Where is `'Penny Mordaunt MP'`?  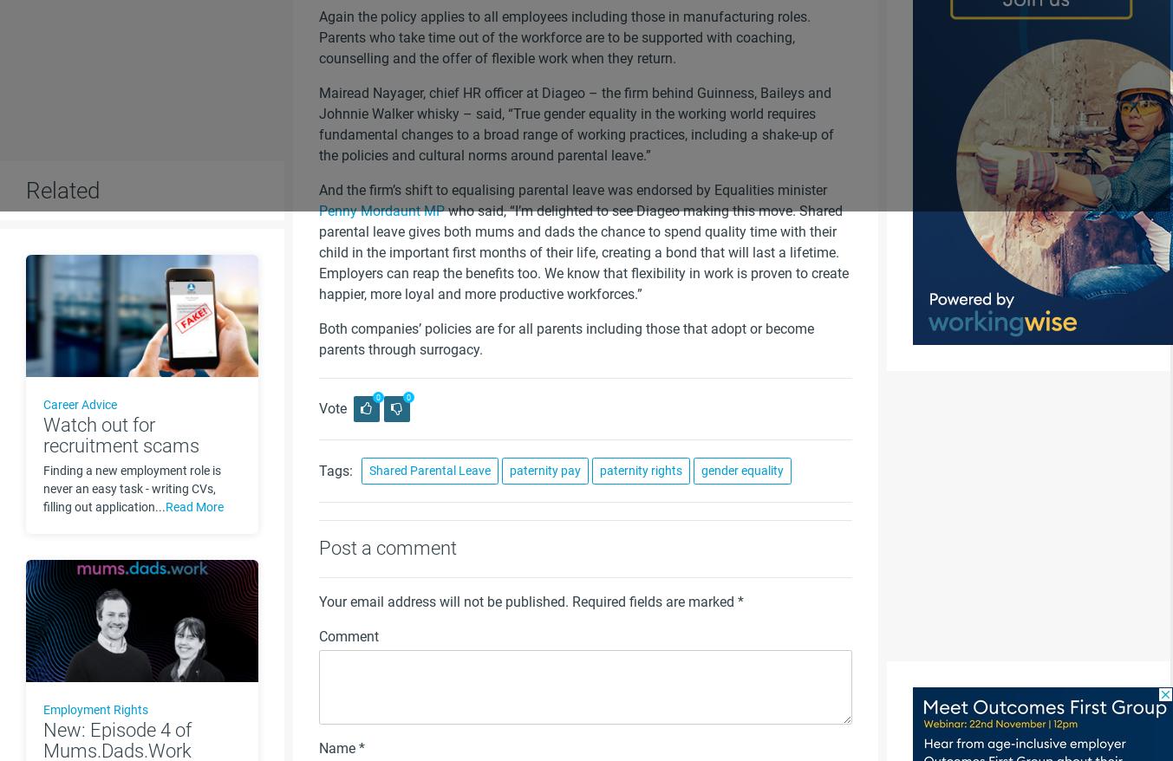 'Penny Mordaunt MP' is located at coordinates (316, 211).